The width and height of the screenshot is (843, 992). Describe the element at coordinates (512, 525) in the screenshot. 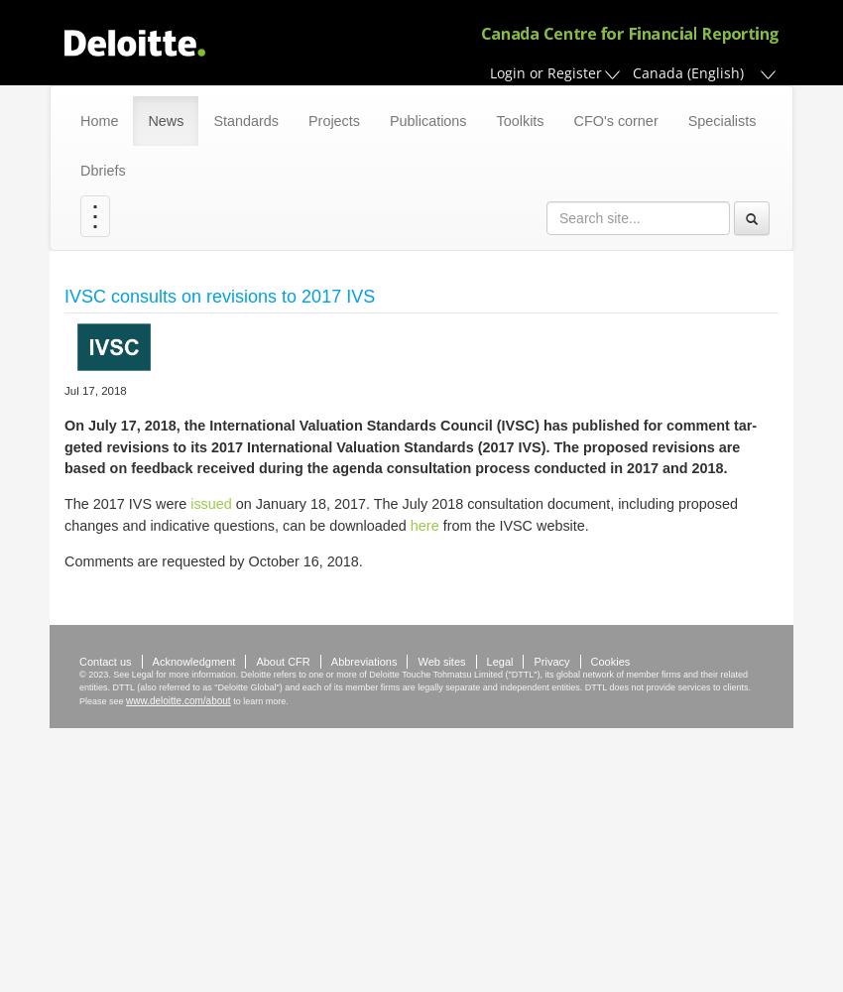

I see `'from the IVSC web­site.'` at that location.